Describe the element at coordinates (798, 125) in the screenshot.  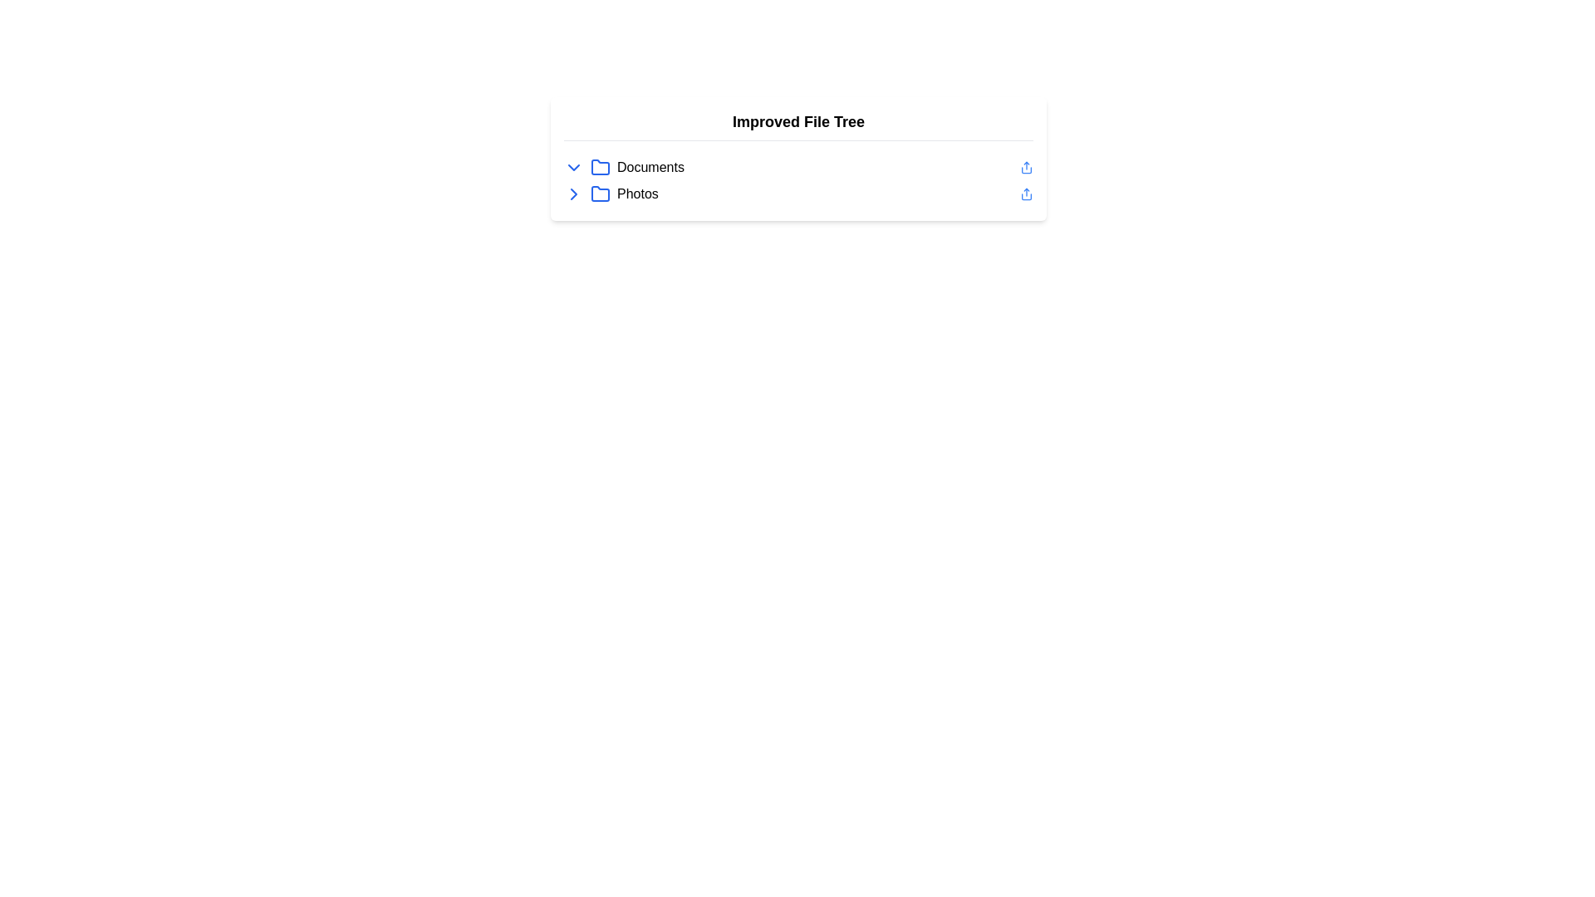
I see `the heading element containing the text 'Improved File Tree', which is styled in bold and larger font, centrally aligned above the 'Documents' and 'Photos' entries` at that location.